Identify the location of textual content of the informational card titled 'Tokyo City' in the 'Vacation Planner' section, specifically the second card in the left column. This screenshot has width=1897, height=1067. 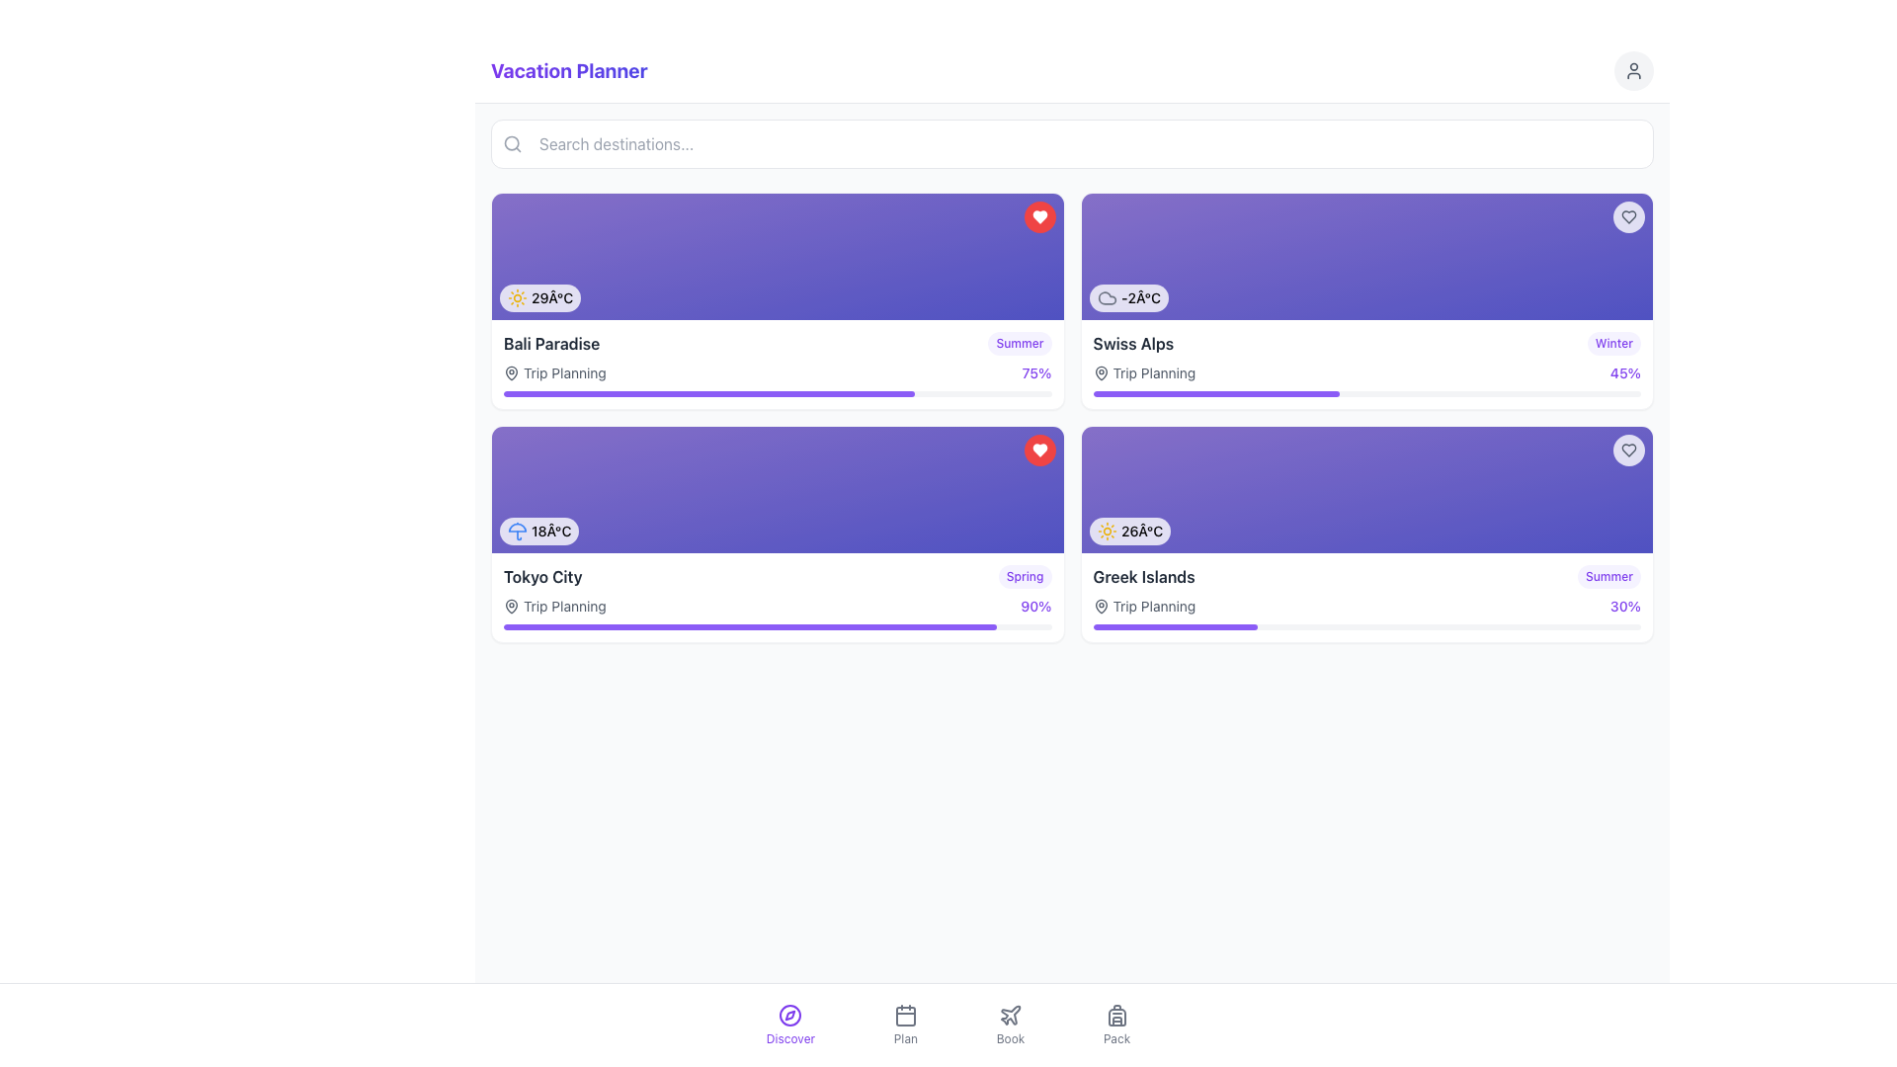
(777, 597).